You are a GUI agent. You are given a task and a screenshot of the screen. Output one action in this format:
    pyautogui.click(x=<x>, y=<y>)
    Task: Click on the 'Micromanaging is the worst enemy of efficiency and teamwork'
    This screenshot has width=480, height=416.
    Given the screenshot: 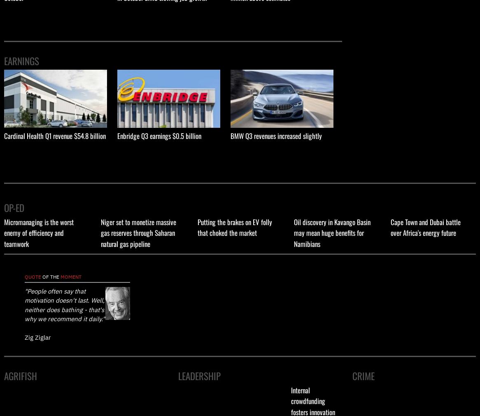 What is the action you would take?
    pyautogui.click(x=38, y=233)
    